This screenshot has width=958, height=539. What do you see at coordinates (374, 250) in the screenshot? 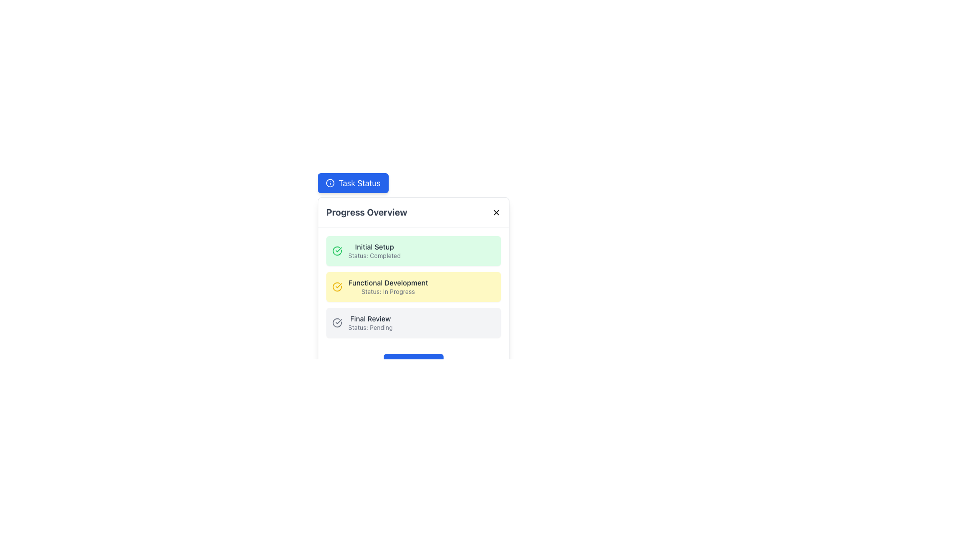
I see `text from the status indicator labeled 'Initial Setup' located to the right of the green checkmark icon in the completed tasks section` at bounding box center [374, 250].